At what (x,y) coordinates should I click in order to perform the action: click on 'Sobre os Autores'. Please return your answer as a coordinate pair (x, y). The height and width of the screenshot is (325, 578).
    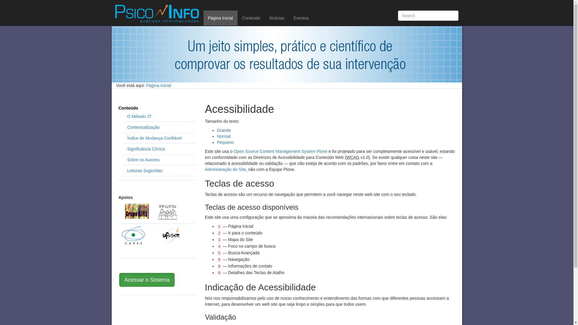
    Looking at the image, I should click on (127, 159).